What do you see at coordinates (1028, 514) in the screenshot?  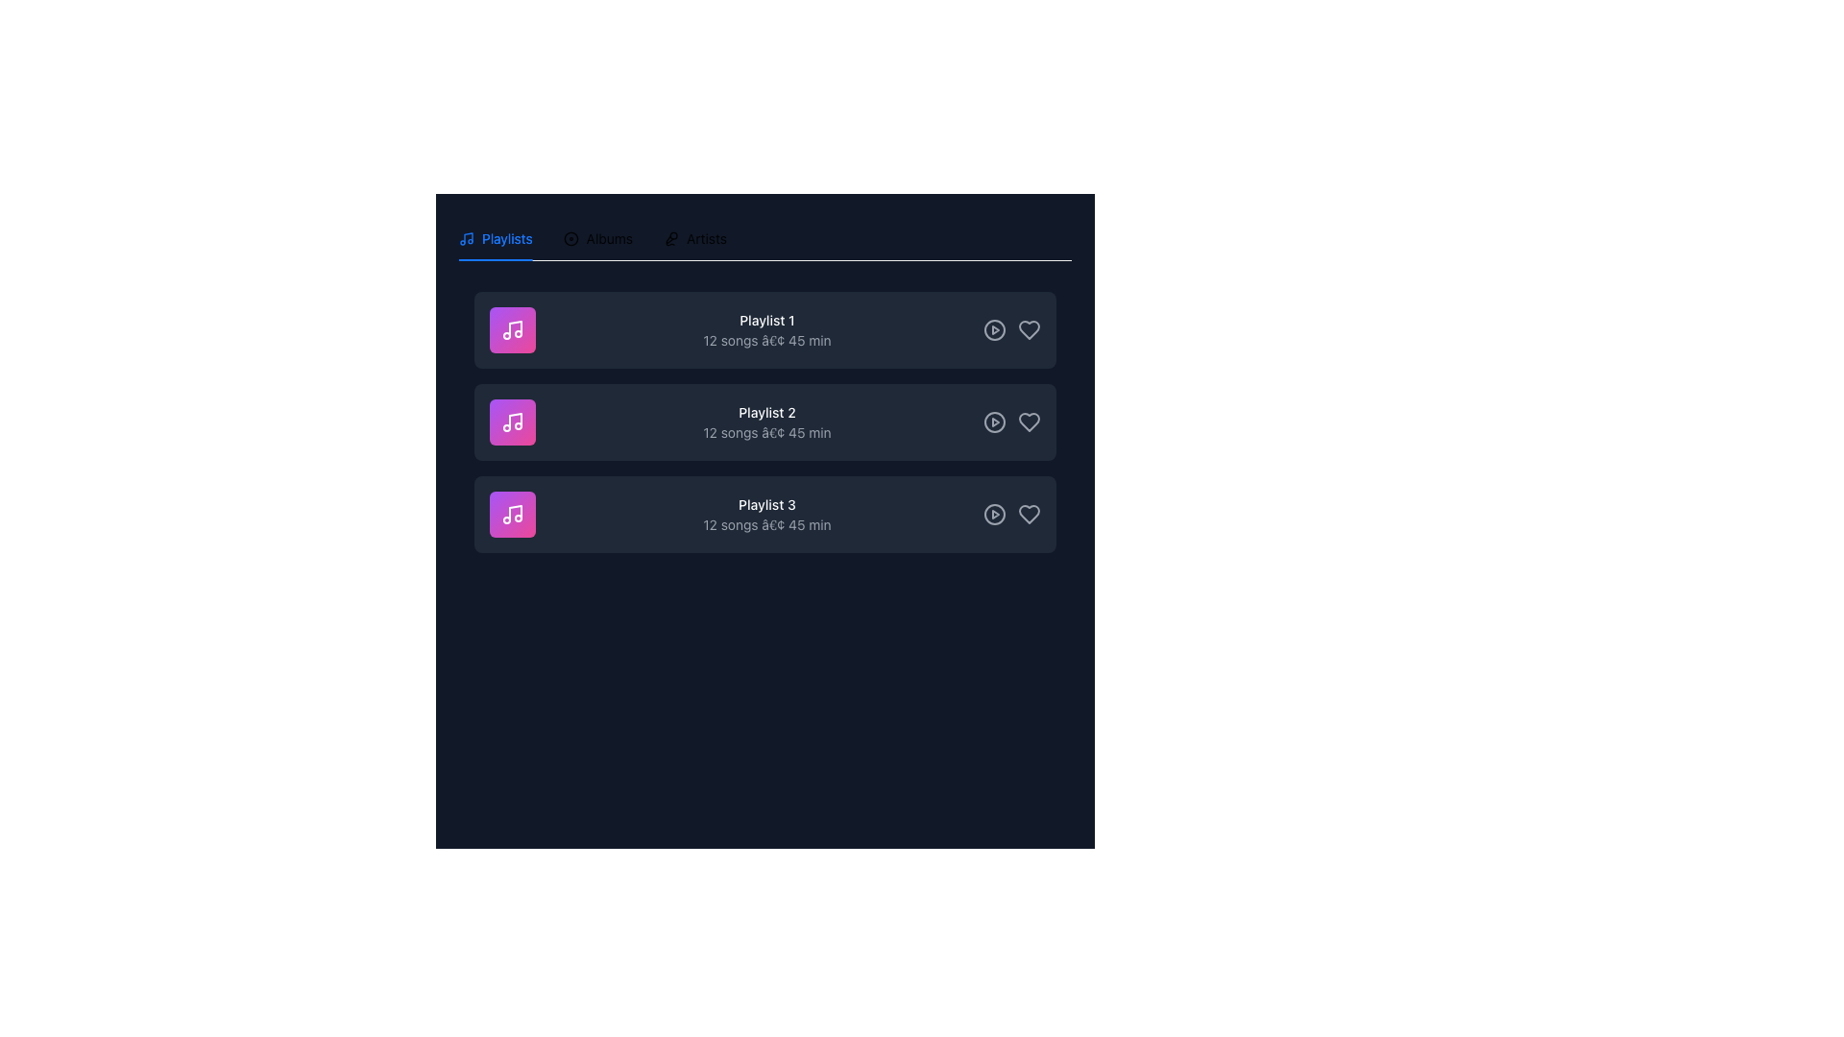 I see `the heart-shaped icon button on the far right side of the third playlist item` at bounding box center [1028, 514].